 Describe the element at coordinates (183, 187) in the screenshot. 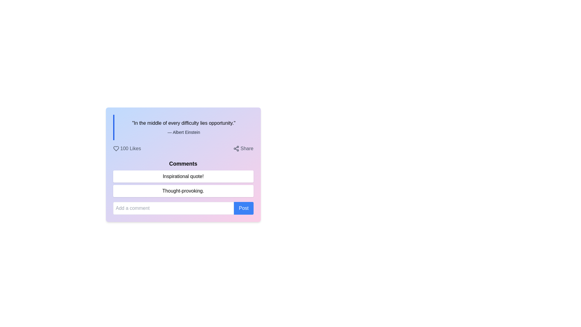

I see `the Text Display Box containing the content 'Thought-provoking.'` at that location.